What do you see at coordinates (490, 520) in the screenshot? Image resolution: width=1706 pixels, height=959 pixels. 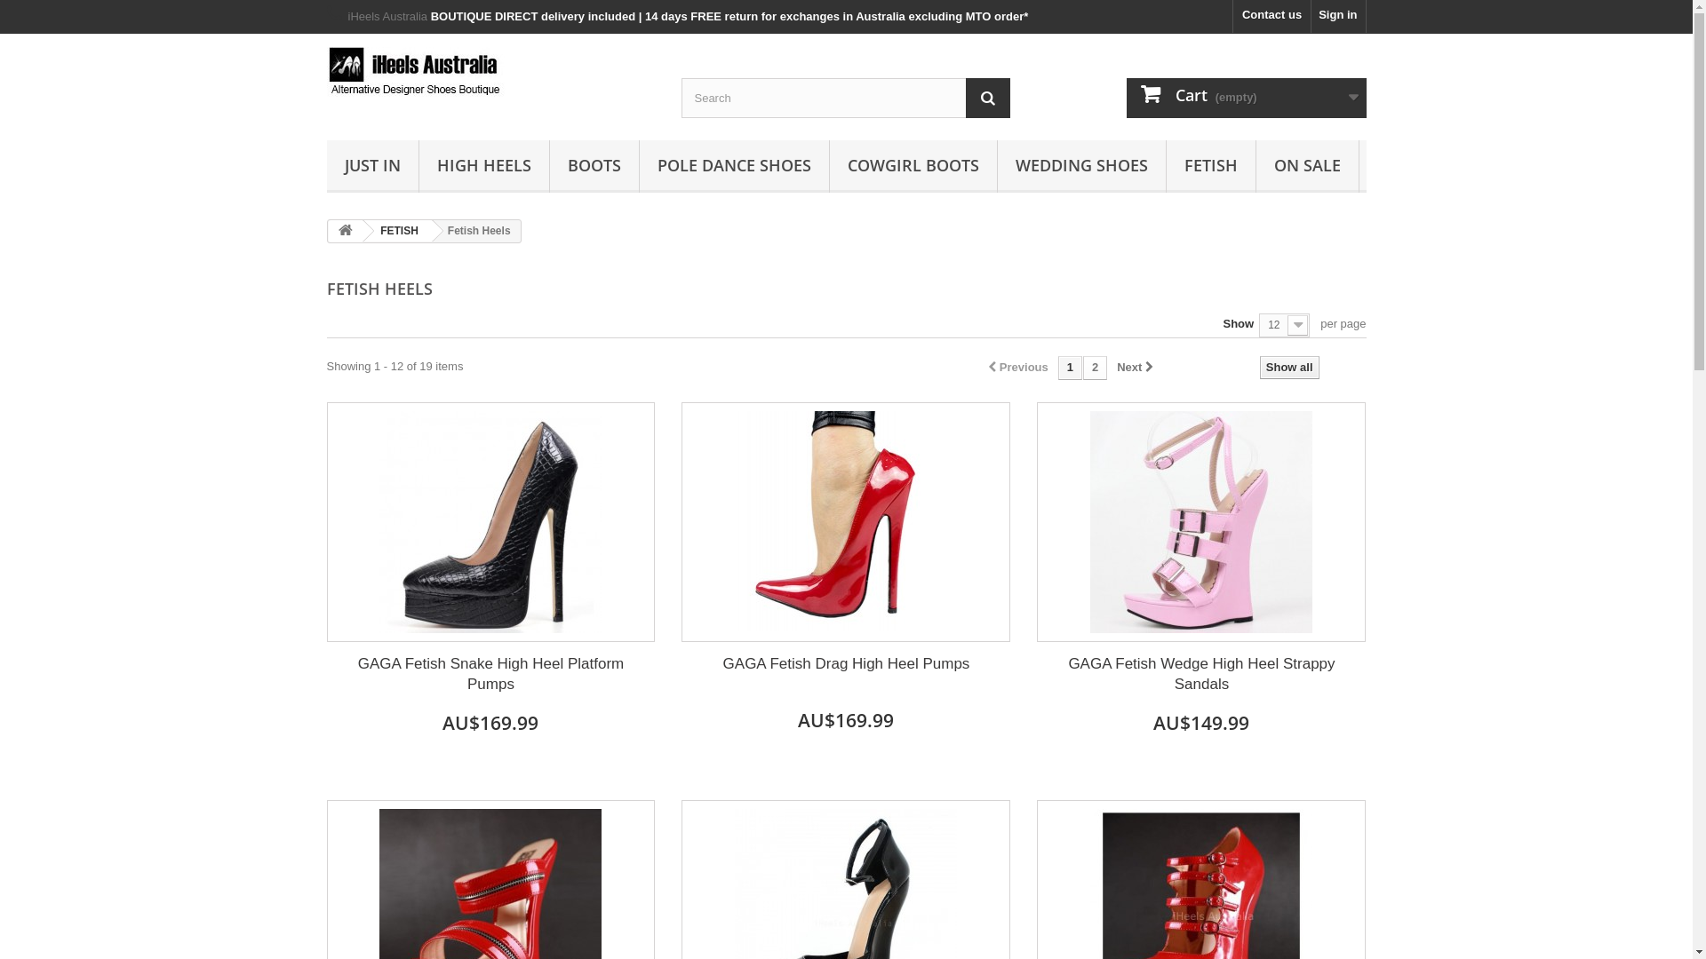 I see `'GAGA Black Snake Fetish High Heel Platform Drag Pumps'` at bounding box center [490, 520].